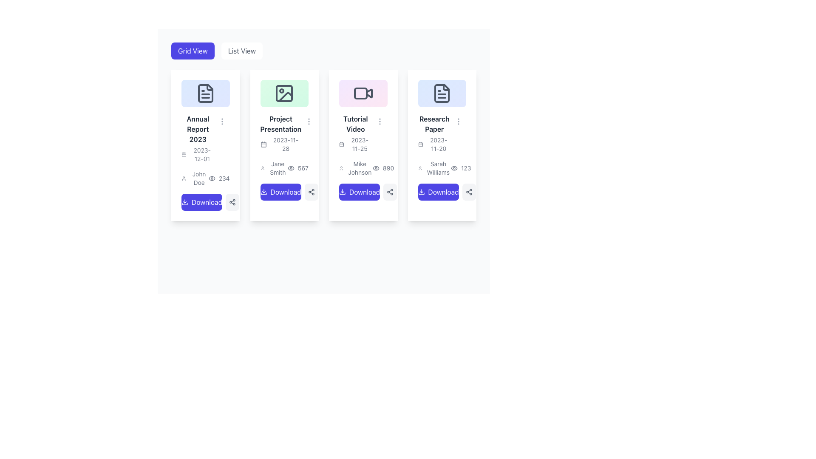 This screenshot has width=816, height=459. I want to click on the sharing button located immediately to the right of the 'Download' button in the 'Research Paper' card, so click(468, 192).